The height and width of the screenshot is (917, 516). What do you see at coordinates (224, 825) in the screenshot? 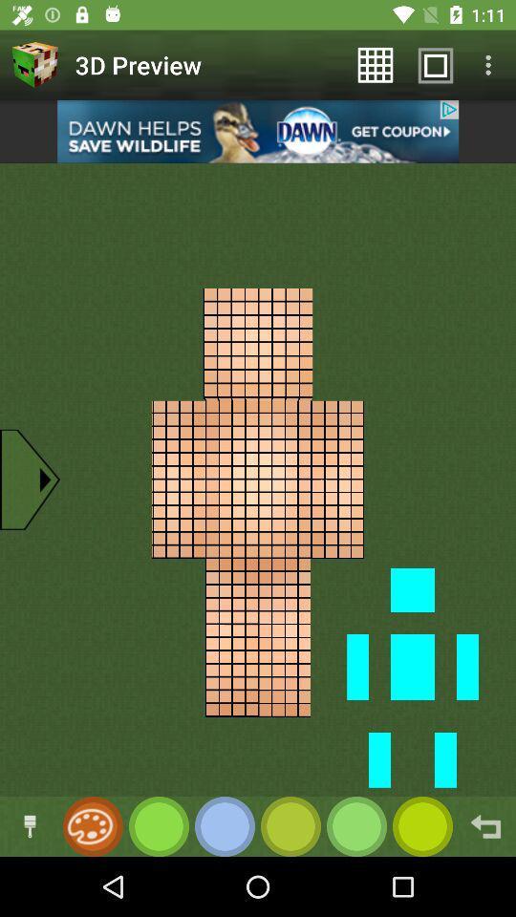
I see `change color to blue` at bounding box center [224, 825].